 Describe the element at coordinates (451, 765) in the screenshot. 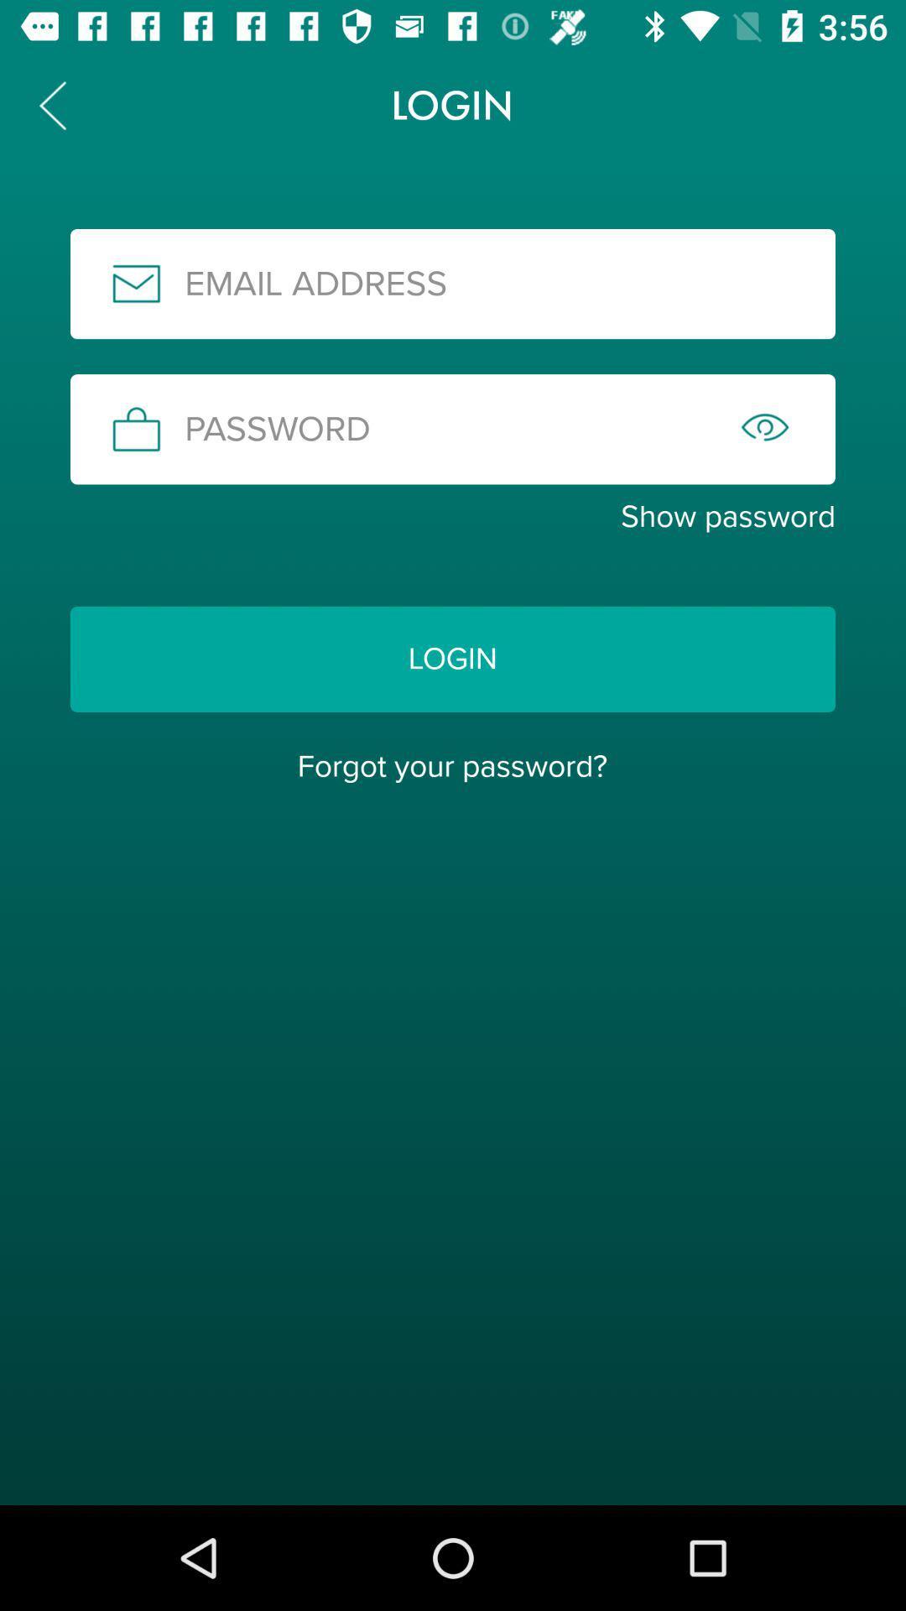

I see `item below login` at that location.